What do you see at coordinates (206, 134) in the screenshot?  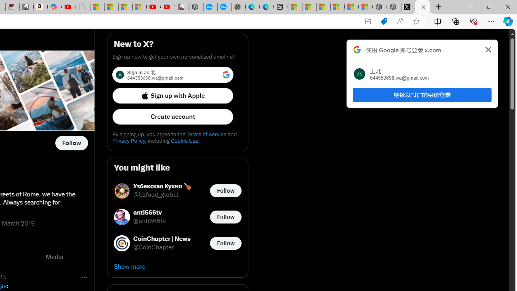 I see `'Terms of Service'` at bounding box center [206, 134].